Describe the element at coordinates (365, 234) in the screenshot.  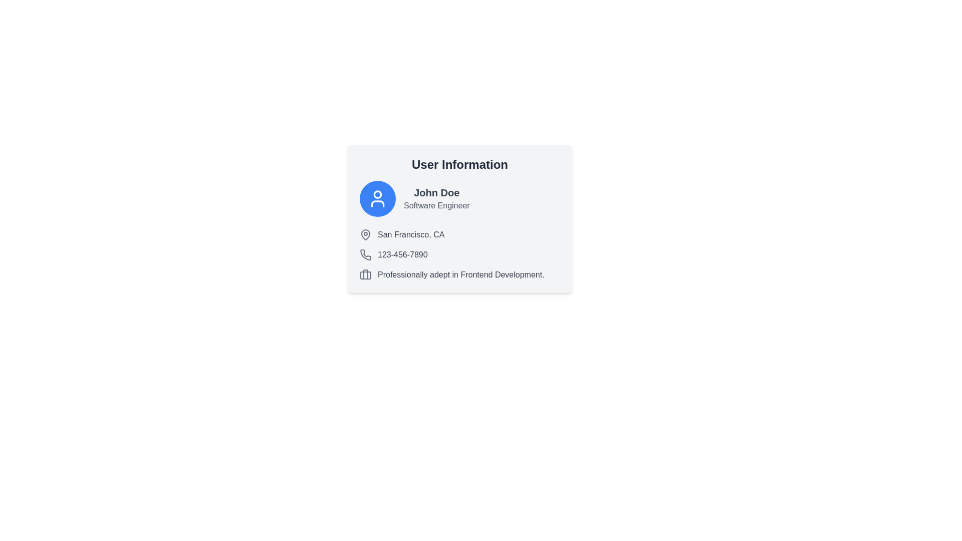
I see `SVG icon representing location information adjacent to 'San Francisco, CA' by clicking on its center point` at that location.